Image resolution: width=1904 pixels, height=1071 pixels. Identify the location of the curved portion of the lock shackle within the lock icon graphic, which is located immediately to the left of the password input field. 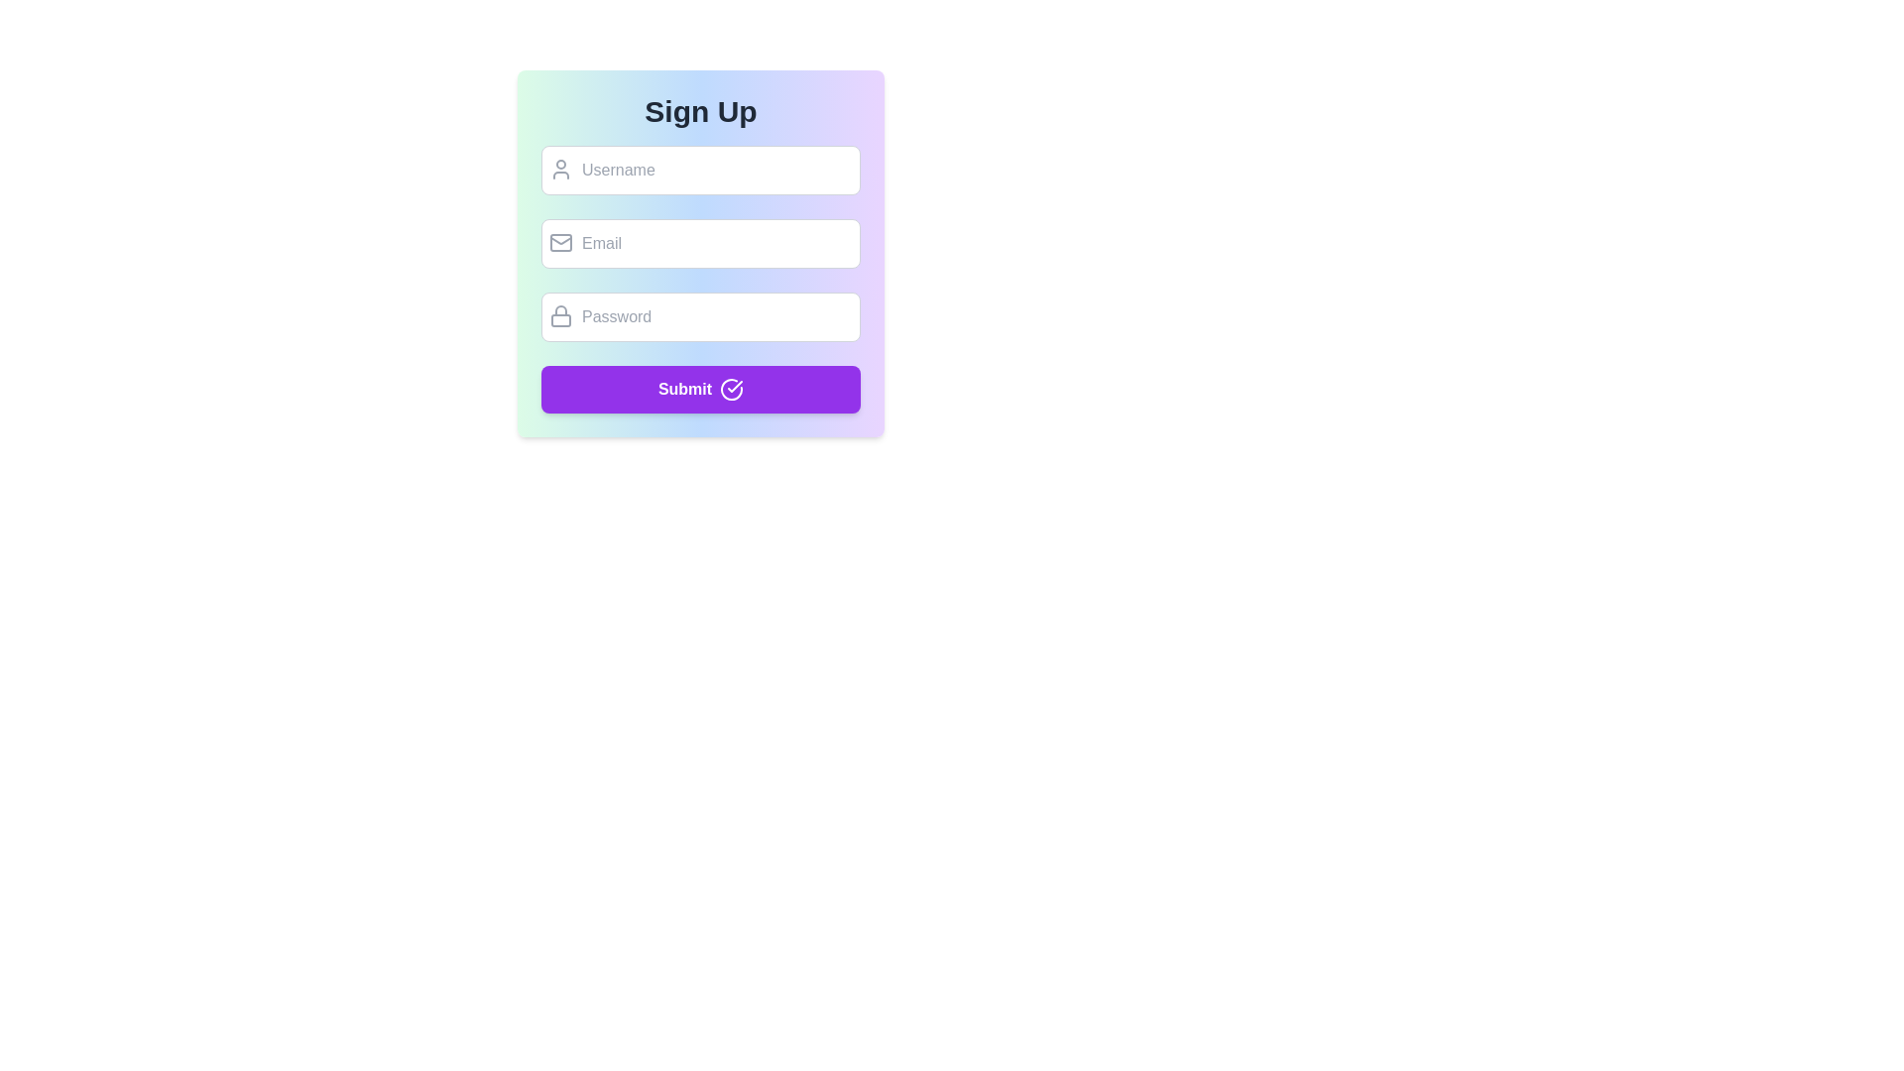
(560, 310).